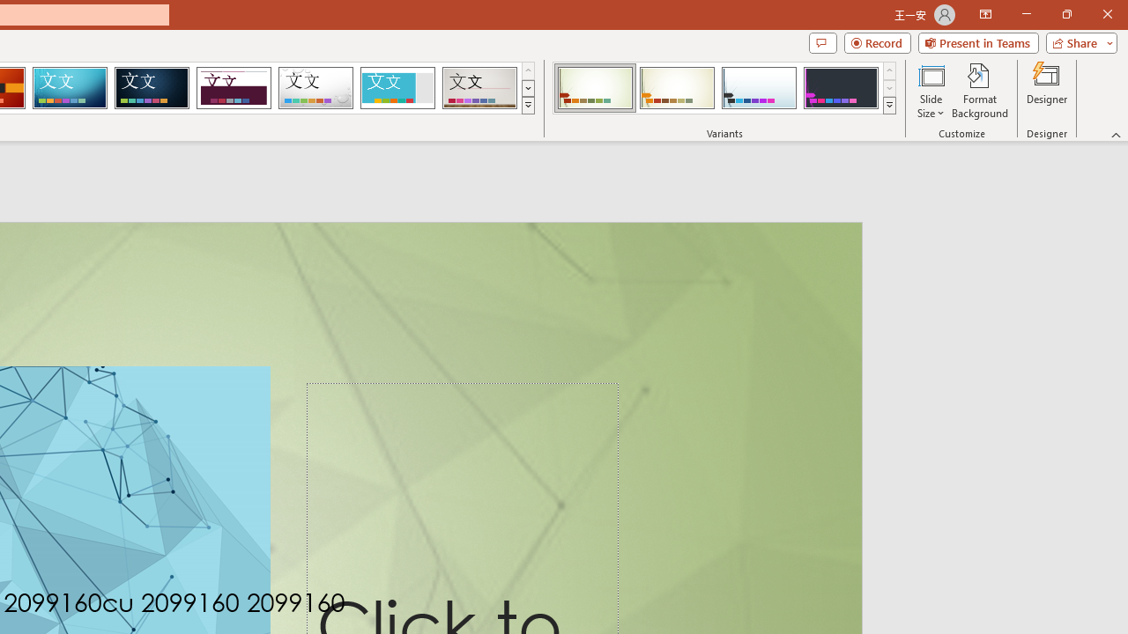 The width and height of the screenshot is (1128, 634). Describe the element at coordinates (676, 88) in the screenshot. I see `'Wisp Variant 2'` at that location.